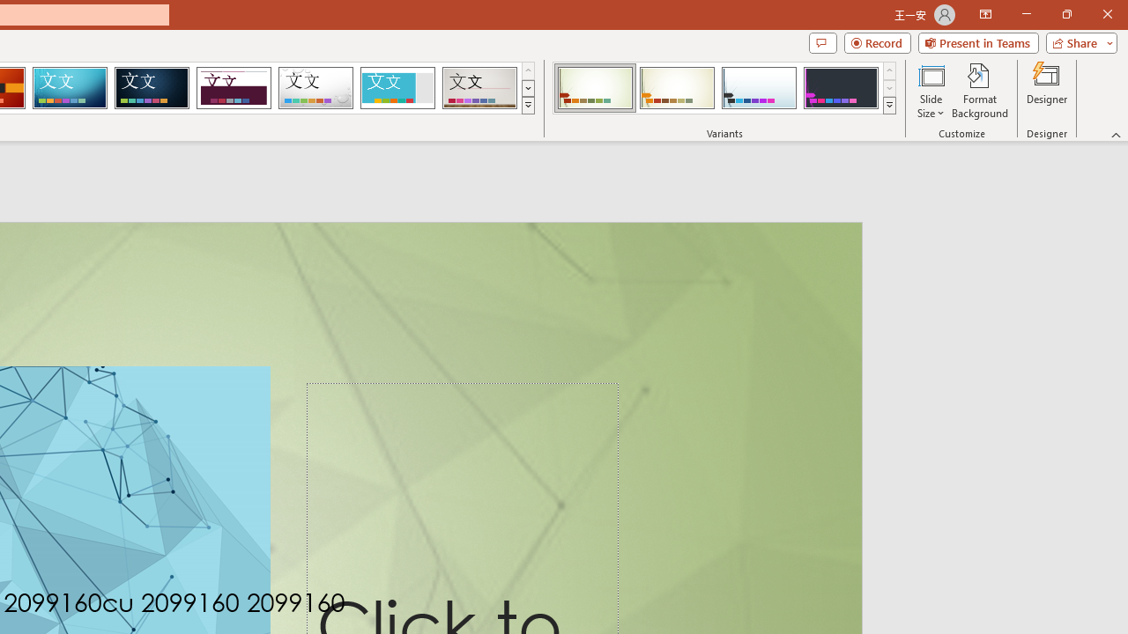 The width and height of the screenshot is (1128, 634). Describe the element at coordinates (676, 88) in the screenshot. I see `'Wisp Variant 2'` at that location.